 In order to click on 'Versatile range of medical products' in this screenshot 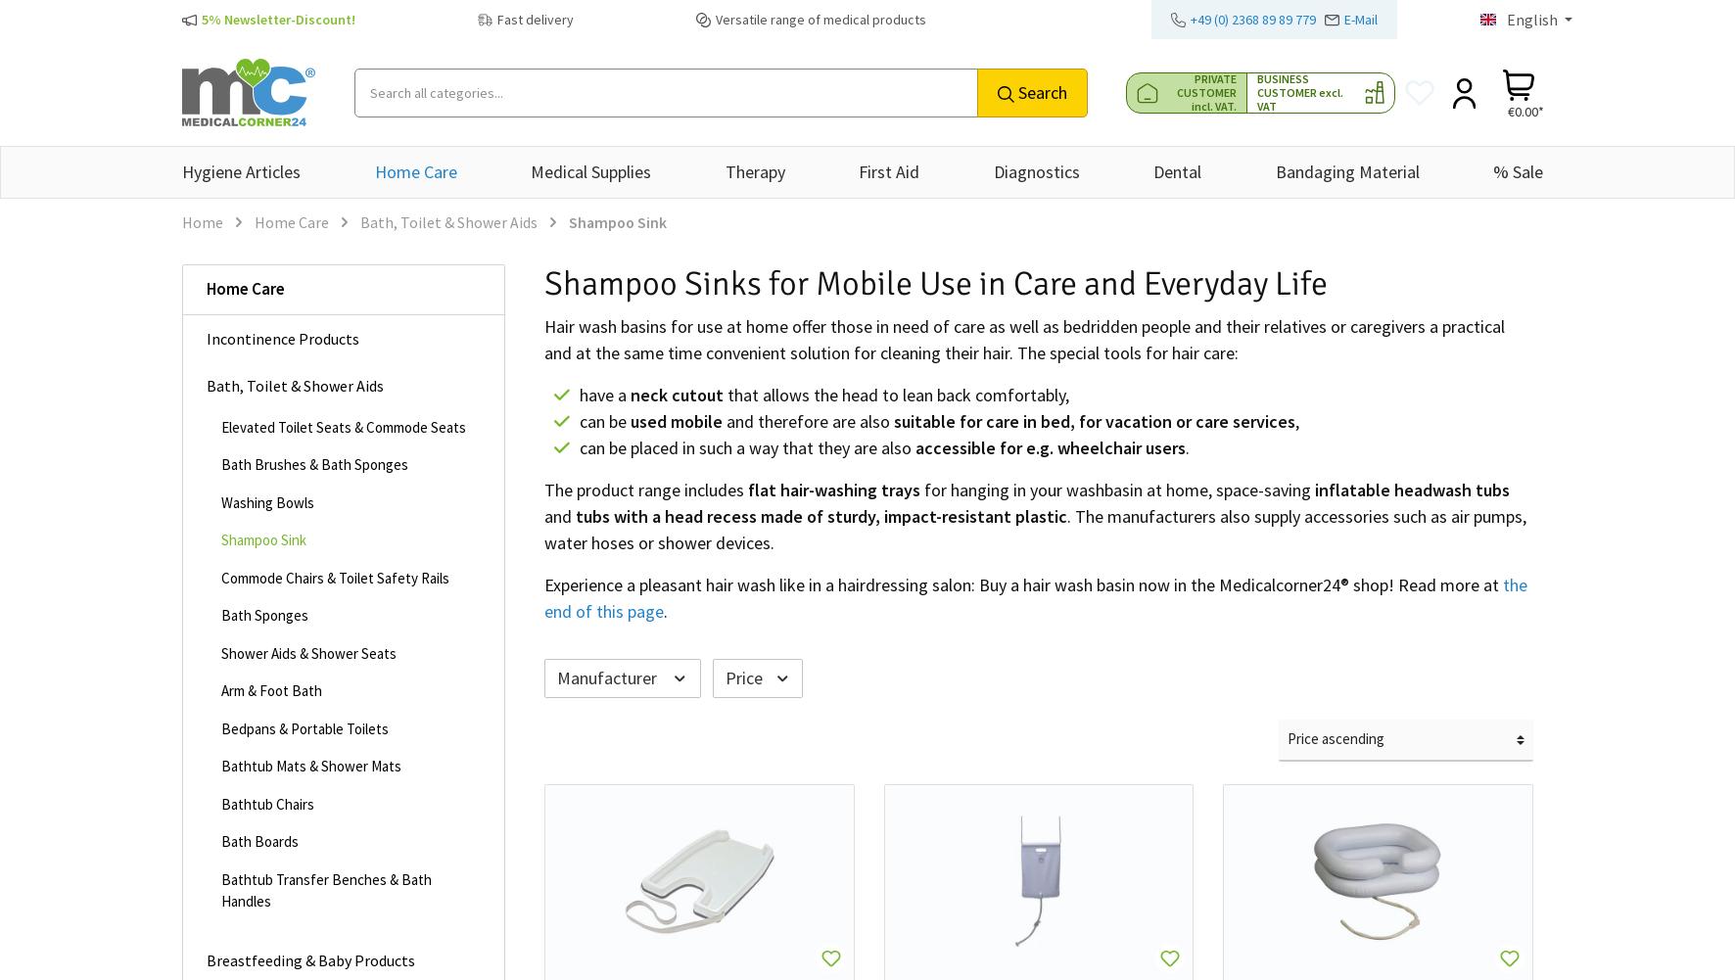, I will do `click(820, 19)`.